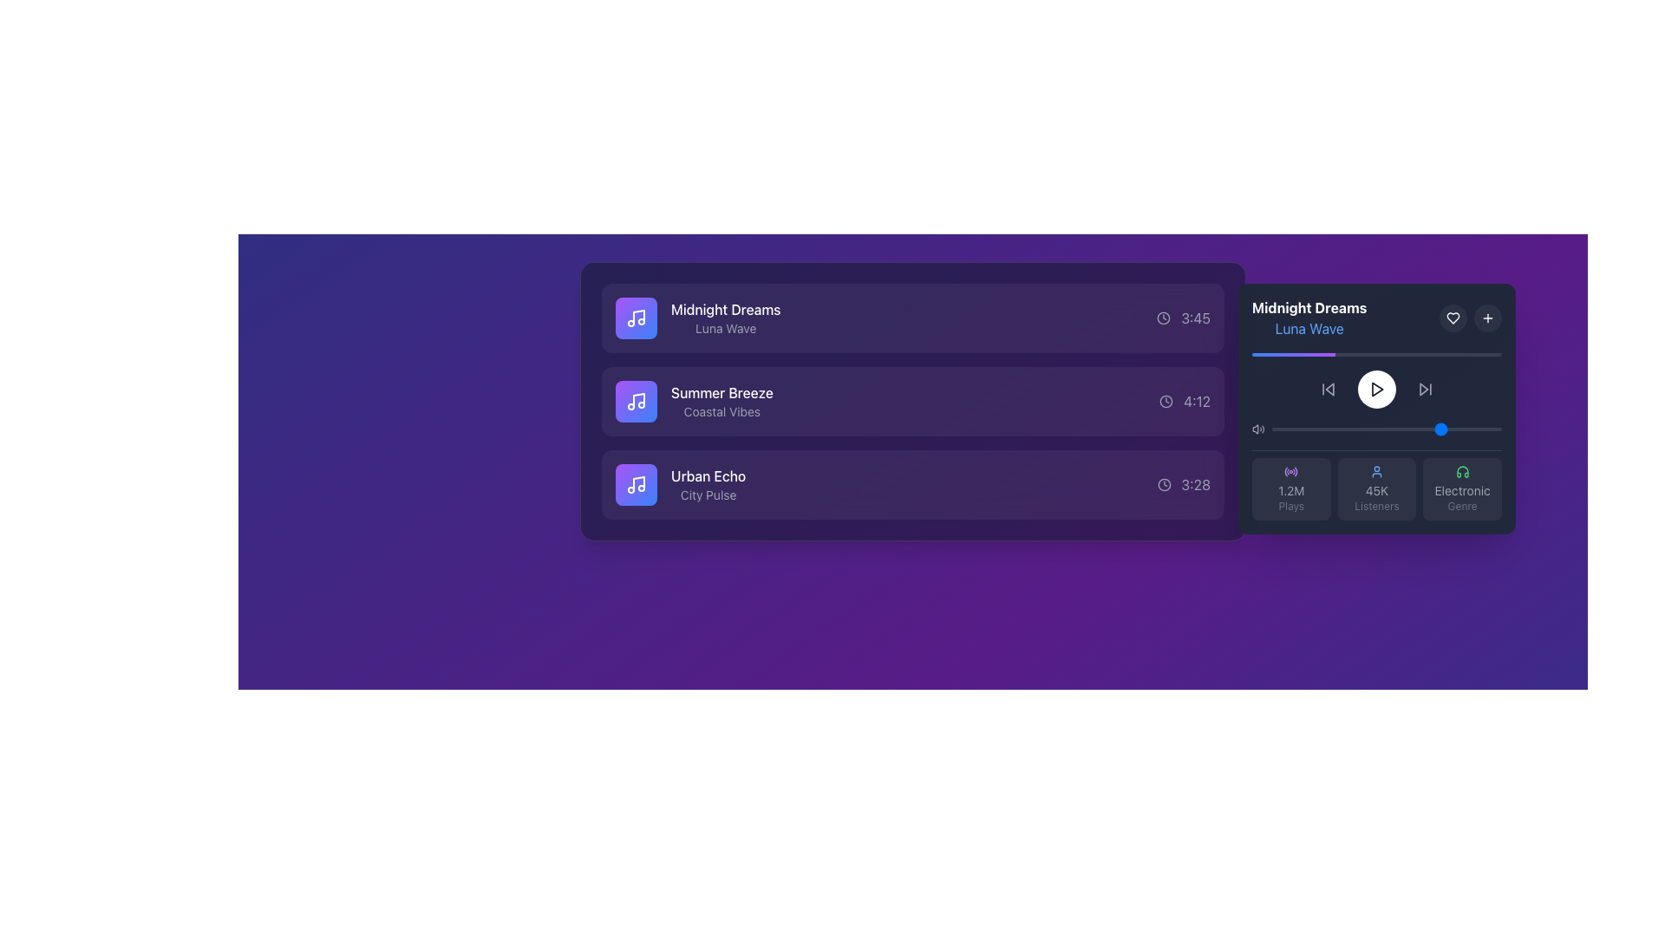 Image resolution: width=1665 pixels, height=937 pixels. What do you see at coordinates (636, 401) in the screenshot?
I see `the music note icon, which is a white stroke icon within a circular gradient background, located to the left of the 'Midnight Dreams' title` at bounding box center [636, 401].